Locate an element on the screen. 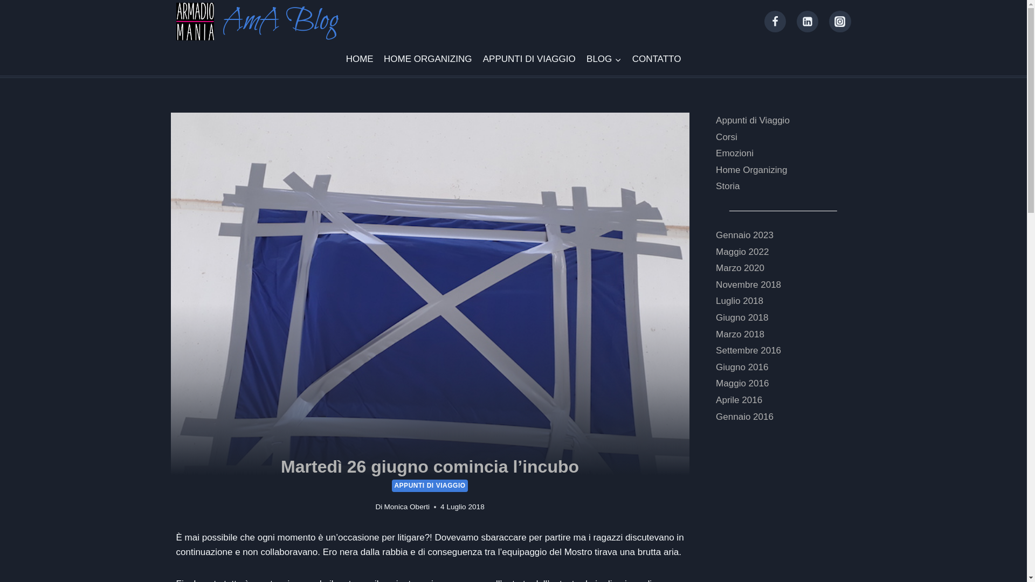 Image resolution: width=1035 pixels, height=582 pixels. 'Marzo 2018' is located at coordinates (716, 334).